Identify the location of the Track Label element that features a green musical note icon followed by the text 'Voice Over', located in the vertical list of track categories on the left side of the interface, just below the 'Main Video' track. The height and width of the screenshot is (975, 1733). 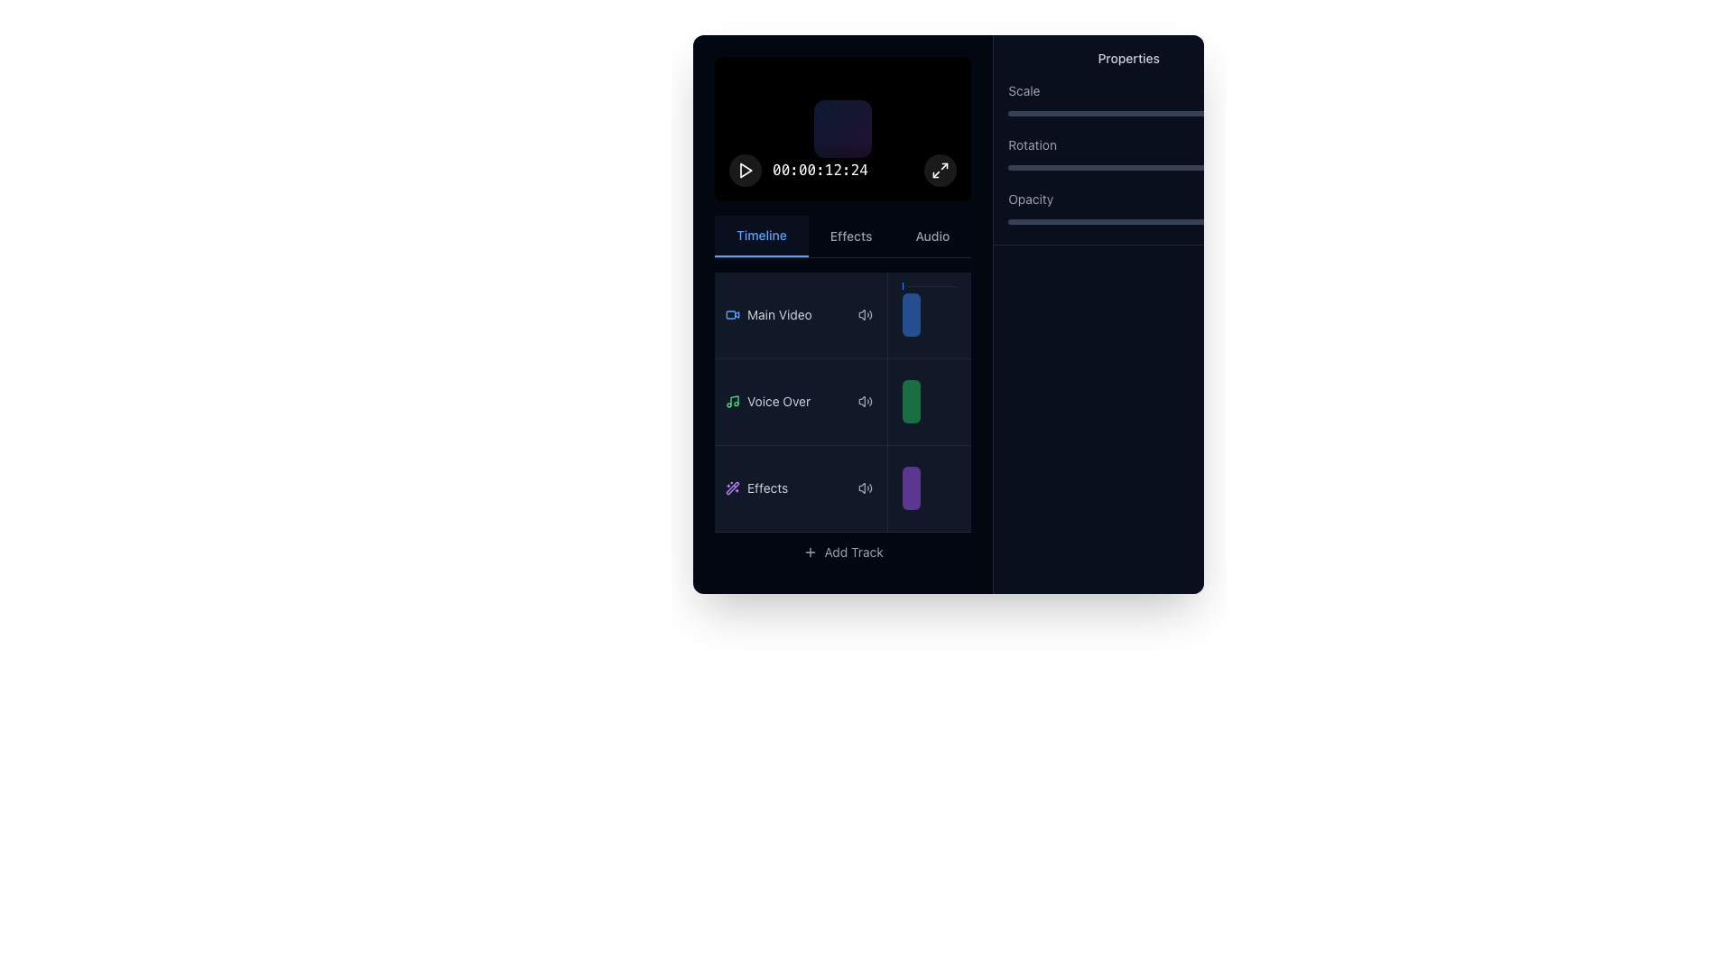
(768, 401).